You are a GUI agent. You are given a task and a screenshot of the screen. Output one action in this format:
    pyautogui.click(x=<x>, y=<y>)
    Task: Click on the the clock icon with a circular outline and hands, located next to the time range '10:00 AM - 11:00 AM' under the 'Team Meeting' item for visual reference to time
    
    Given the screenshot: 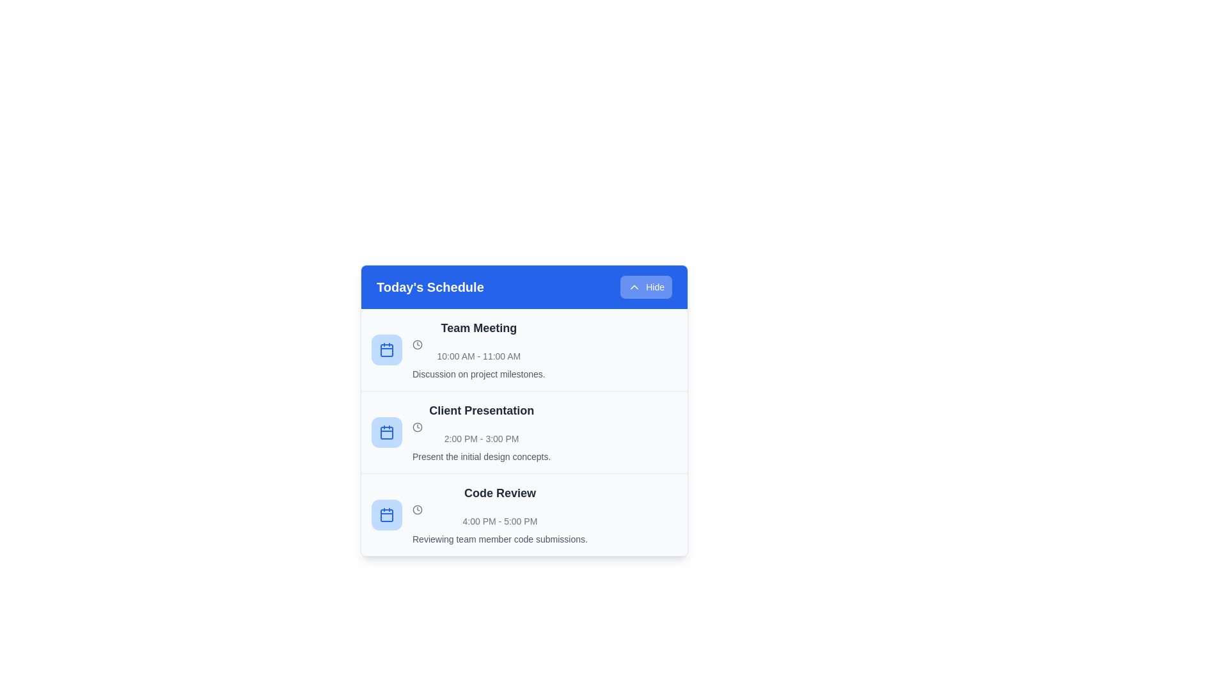 What is the action you would take?
    pyautogui.click(x=417, y=344)
    